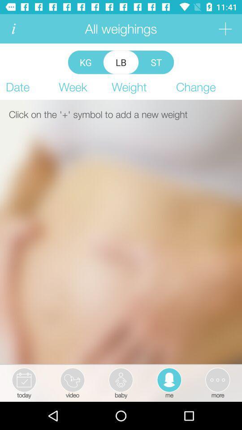 The width and height of the screenshot is (242, 430). What do you see at coordinates (225, 29) in the screenshot?
I see `app above the change` at bounding box center [225, 29].